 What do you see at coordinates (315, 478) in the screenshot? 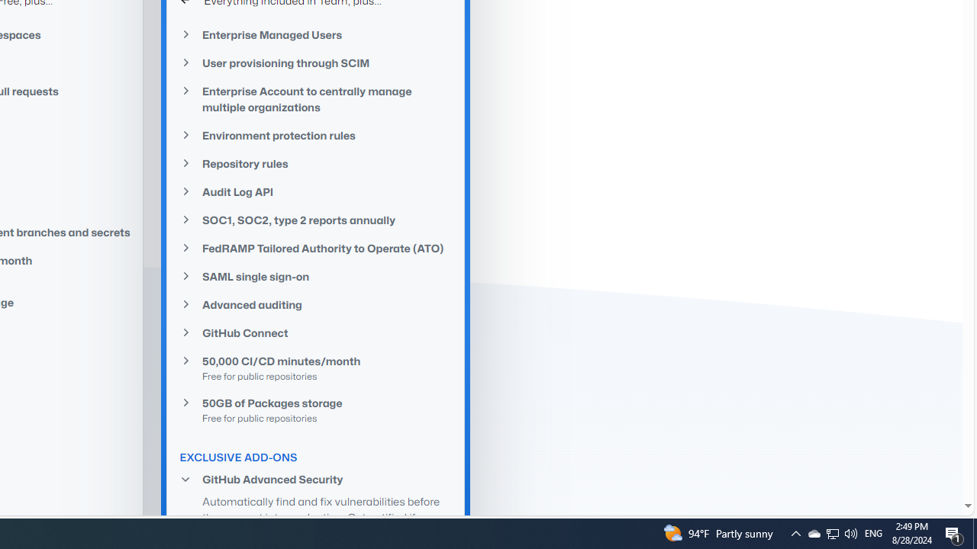
I see `'GitHub Advanced Security'` at bounding box center [315, 478].